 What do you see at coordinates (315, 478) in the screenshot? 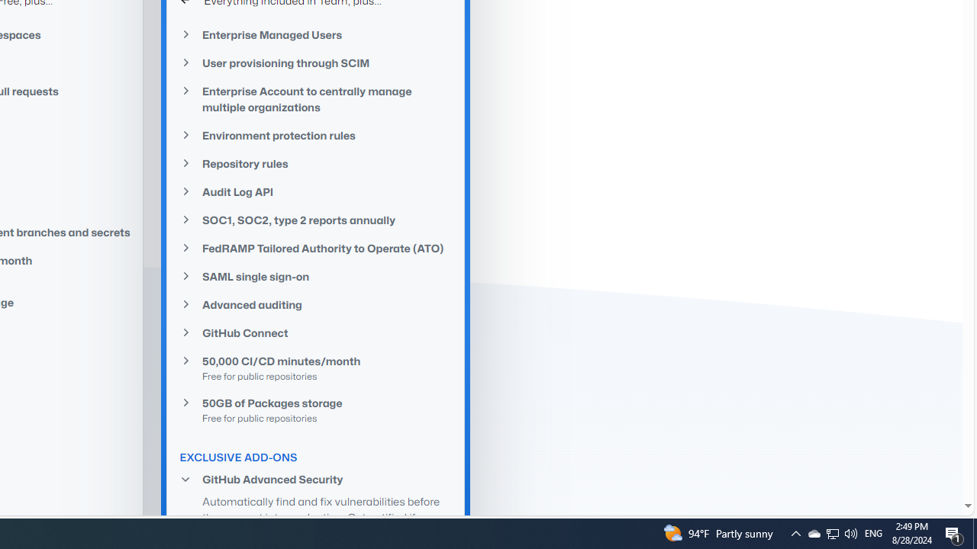
I see `'GitHub Advanced Security'` at bounding box center [315, 478].